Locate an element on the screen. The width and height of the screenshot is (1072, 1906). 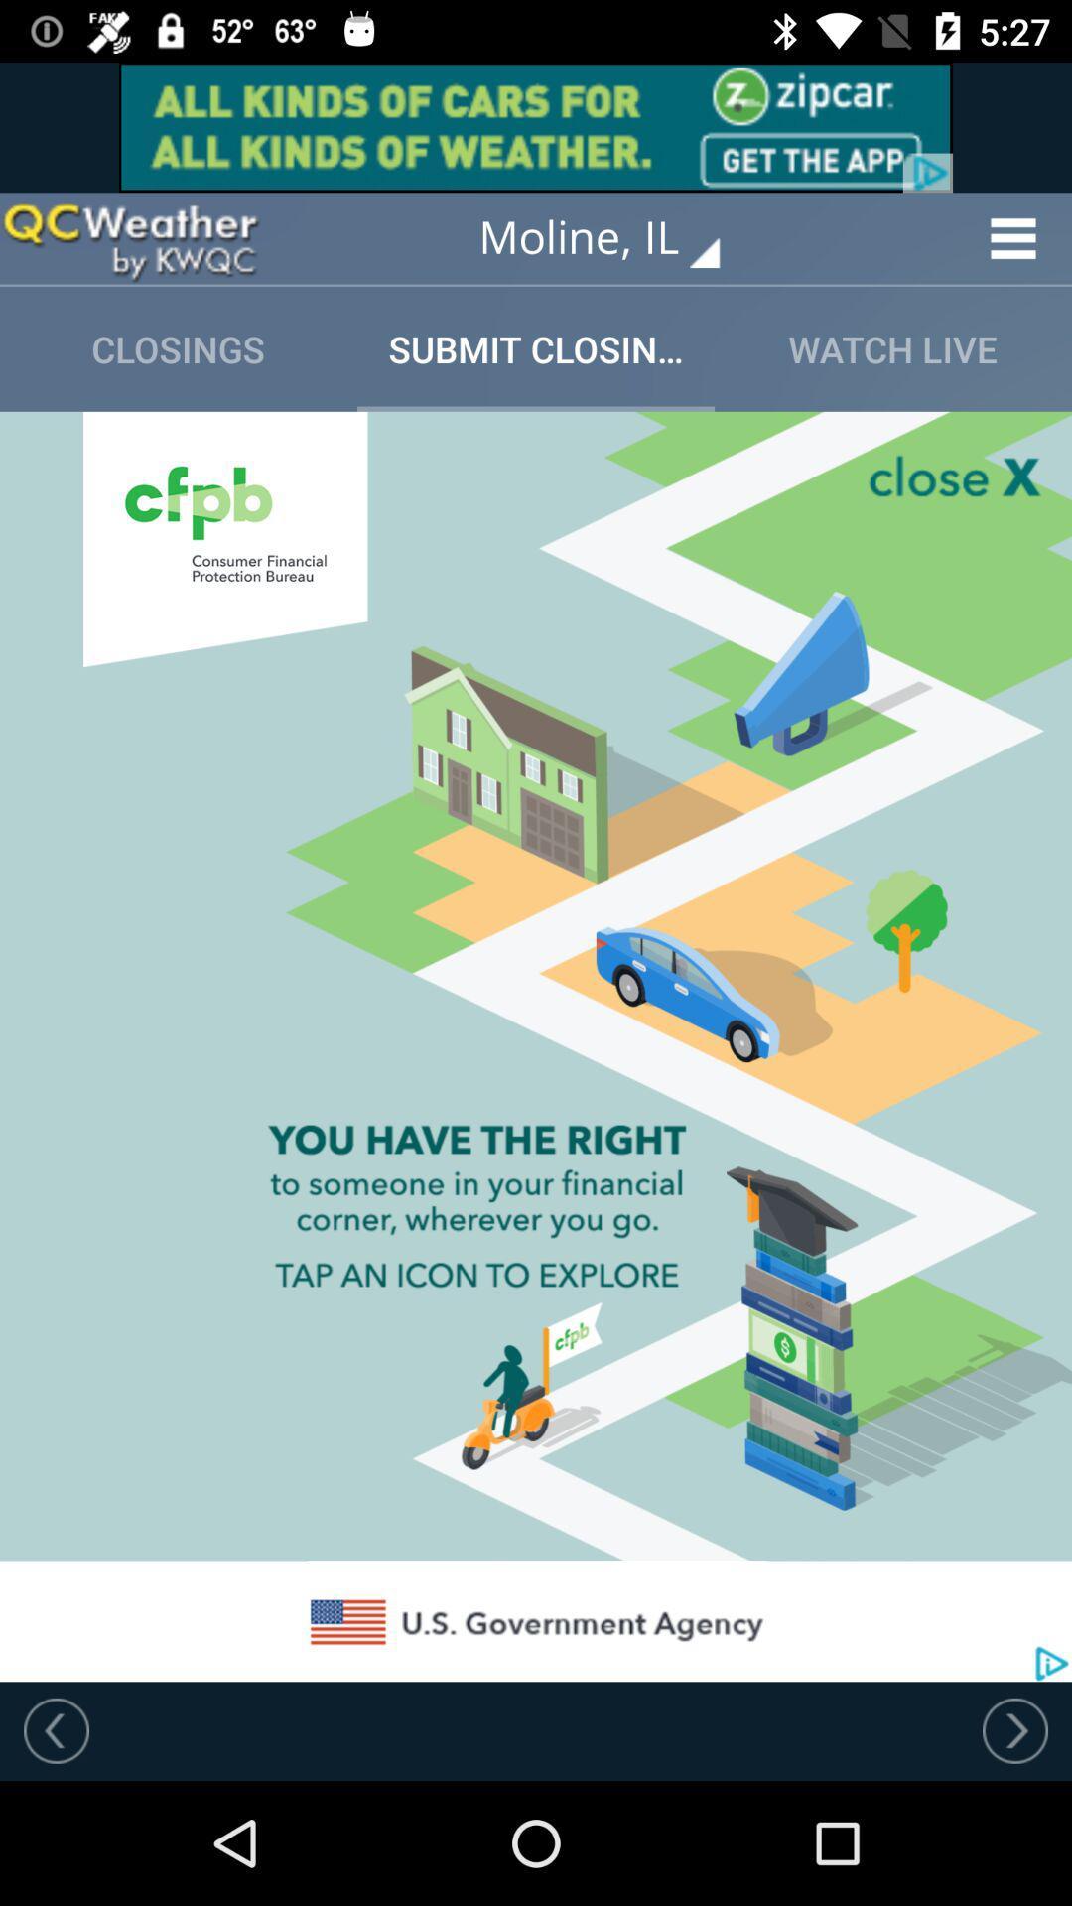
advertisement is located at coordinates (536, 126).